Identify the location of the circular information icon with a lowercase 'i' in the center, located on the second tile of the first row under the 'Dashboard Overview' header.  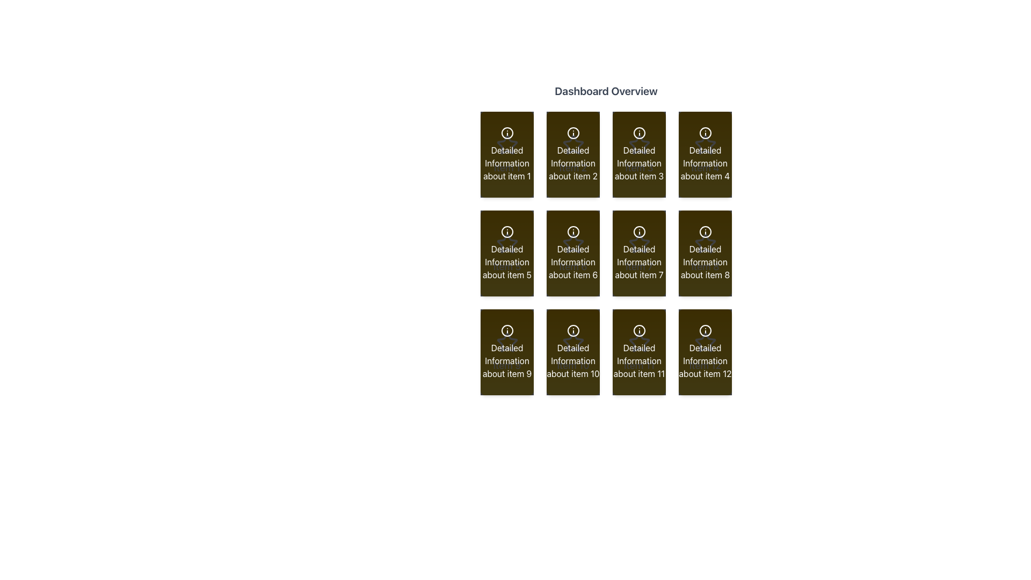
(572, 132).